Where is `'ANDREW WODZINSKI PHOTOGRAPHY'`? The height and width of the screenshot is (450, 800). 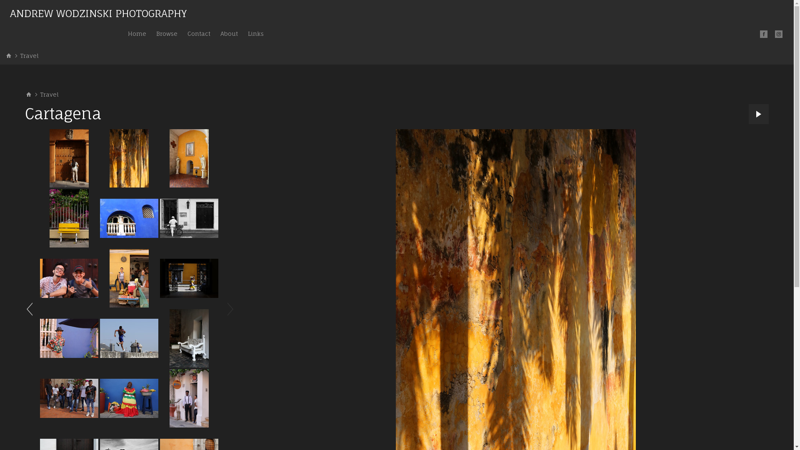 'ANDREW WODZINSKI PHOTOGRAPHY' is located at coordinates (98, 15).